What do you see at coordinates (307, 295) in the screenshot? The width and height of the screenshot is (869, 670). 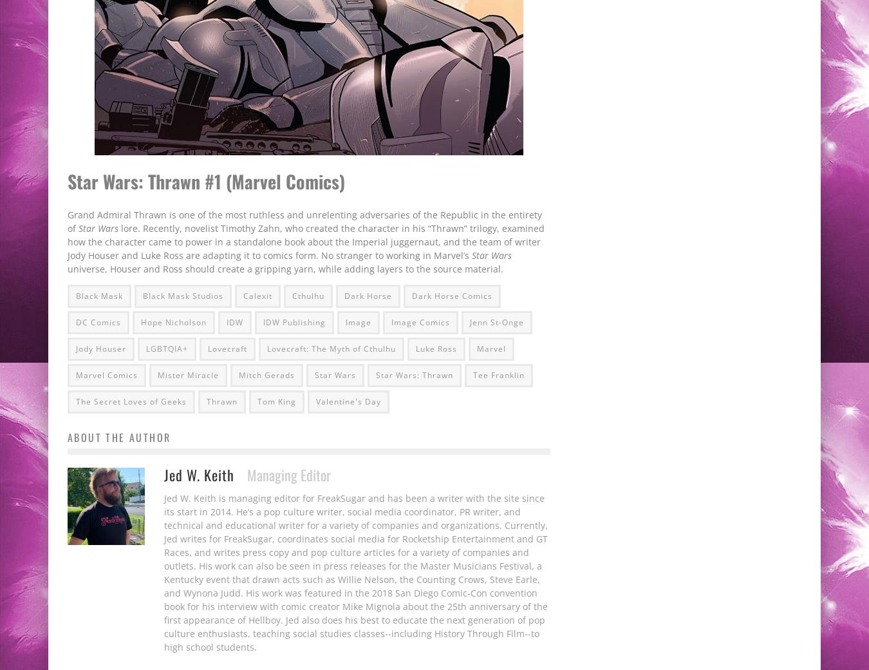 I see `'Cthulhu'` at bounding box center [307, 295].